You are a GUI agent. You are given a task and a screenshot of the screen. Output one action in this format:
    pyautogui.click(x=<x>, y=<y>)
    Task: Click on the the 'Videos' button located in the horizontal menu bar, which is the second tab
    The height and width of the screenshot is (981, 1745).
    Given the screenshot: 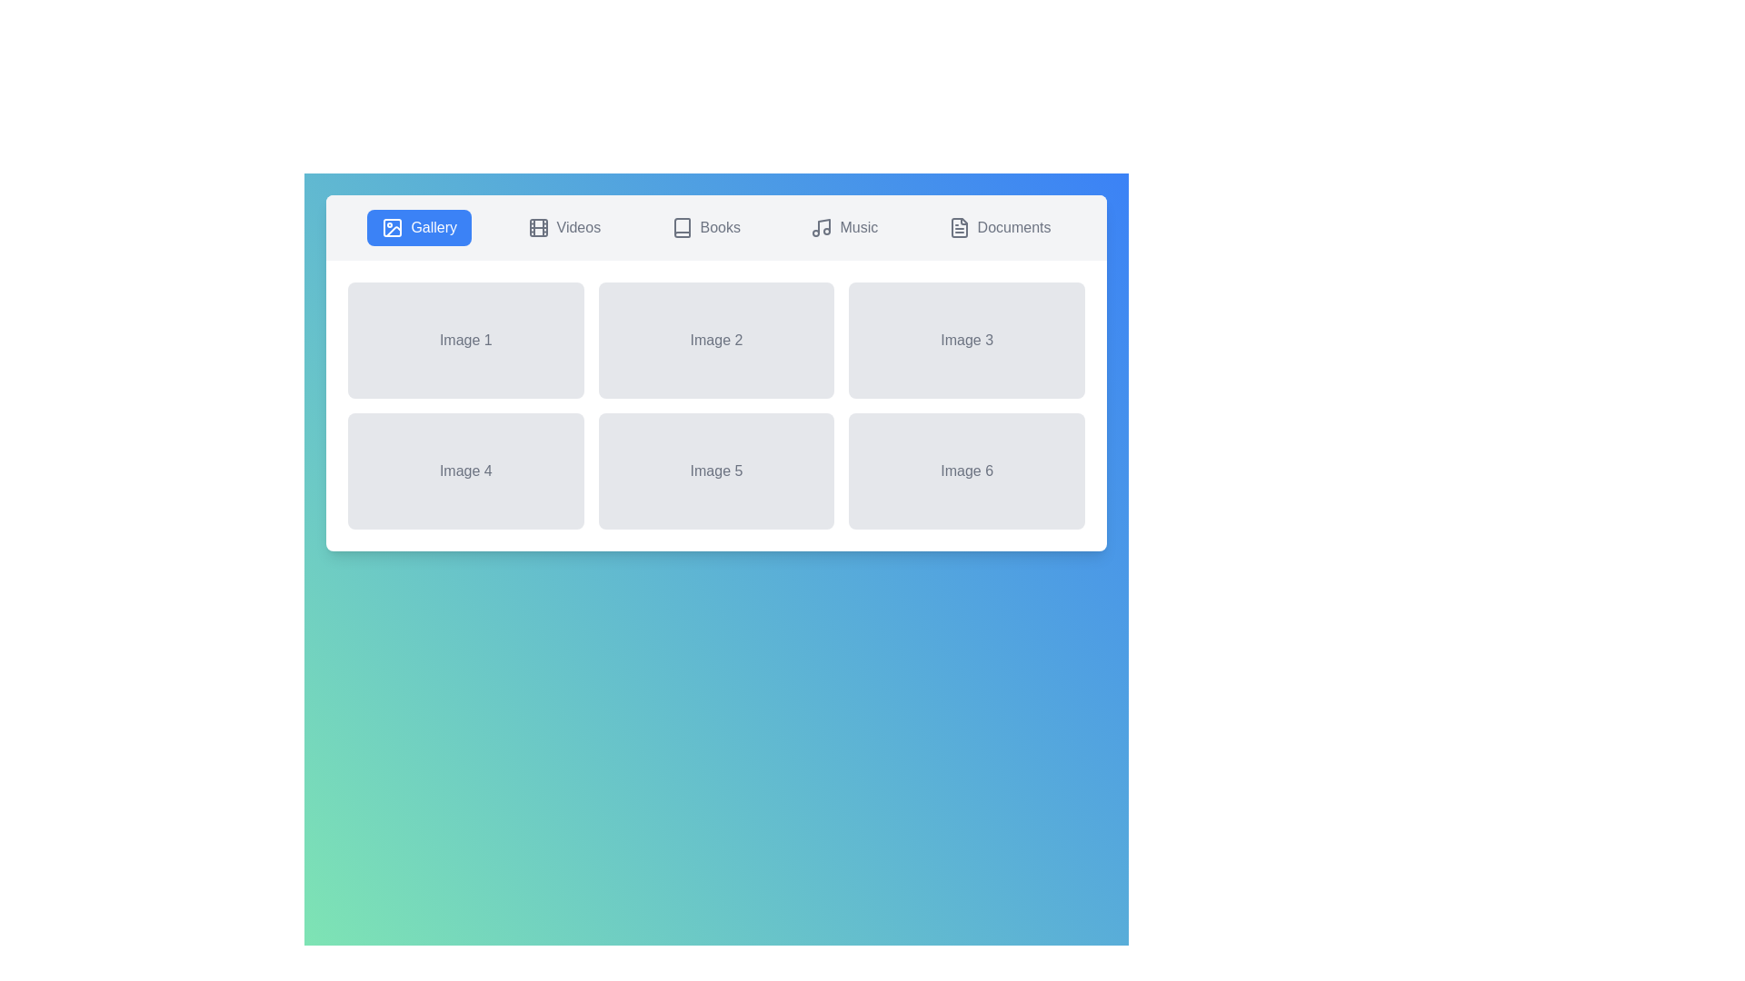 What is the action you would take?
    pyautogui.click(x=563, y=226)
    